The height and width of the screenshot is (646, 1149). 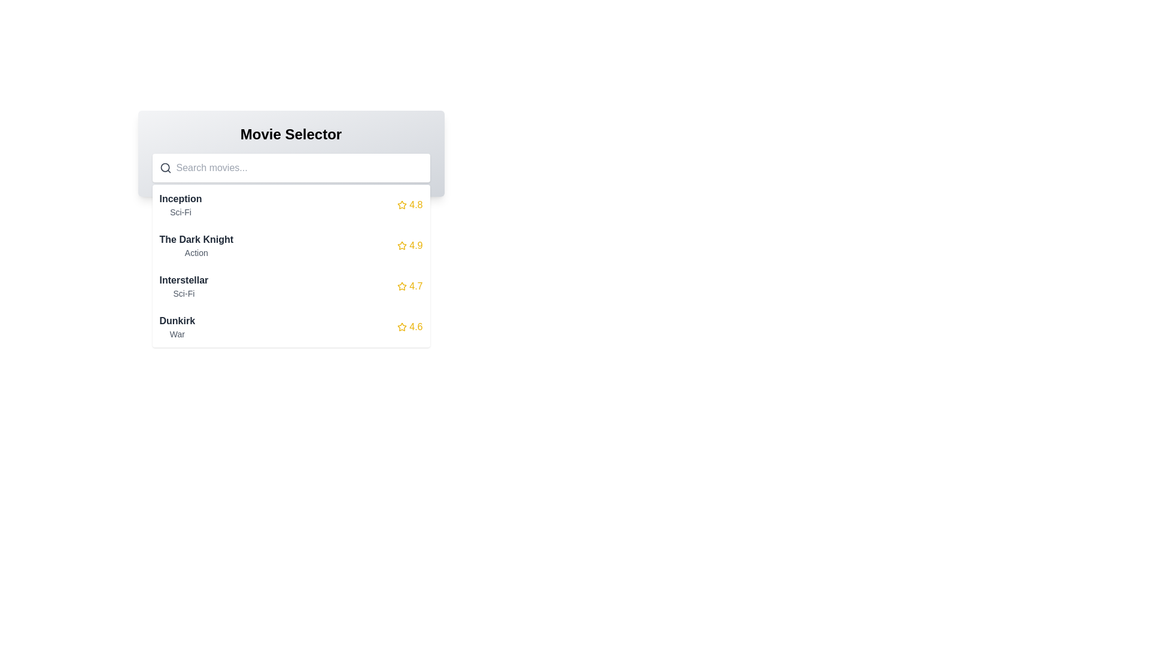 I want to click on the fourth selectable list item in the dropdown menu representing the movie 'Dunkirk', so click(x=291, y=327).